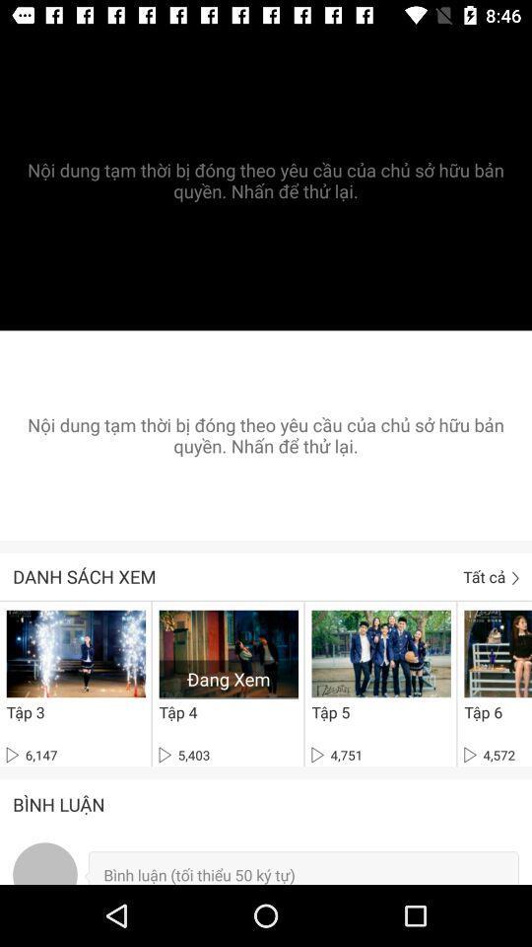 The image size is (532, 947). I want to click on the image which is above 4572 number, so click(497, 653).